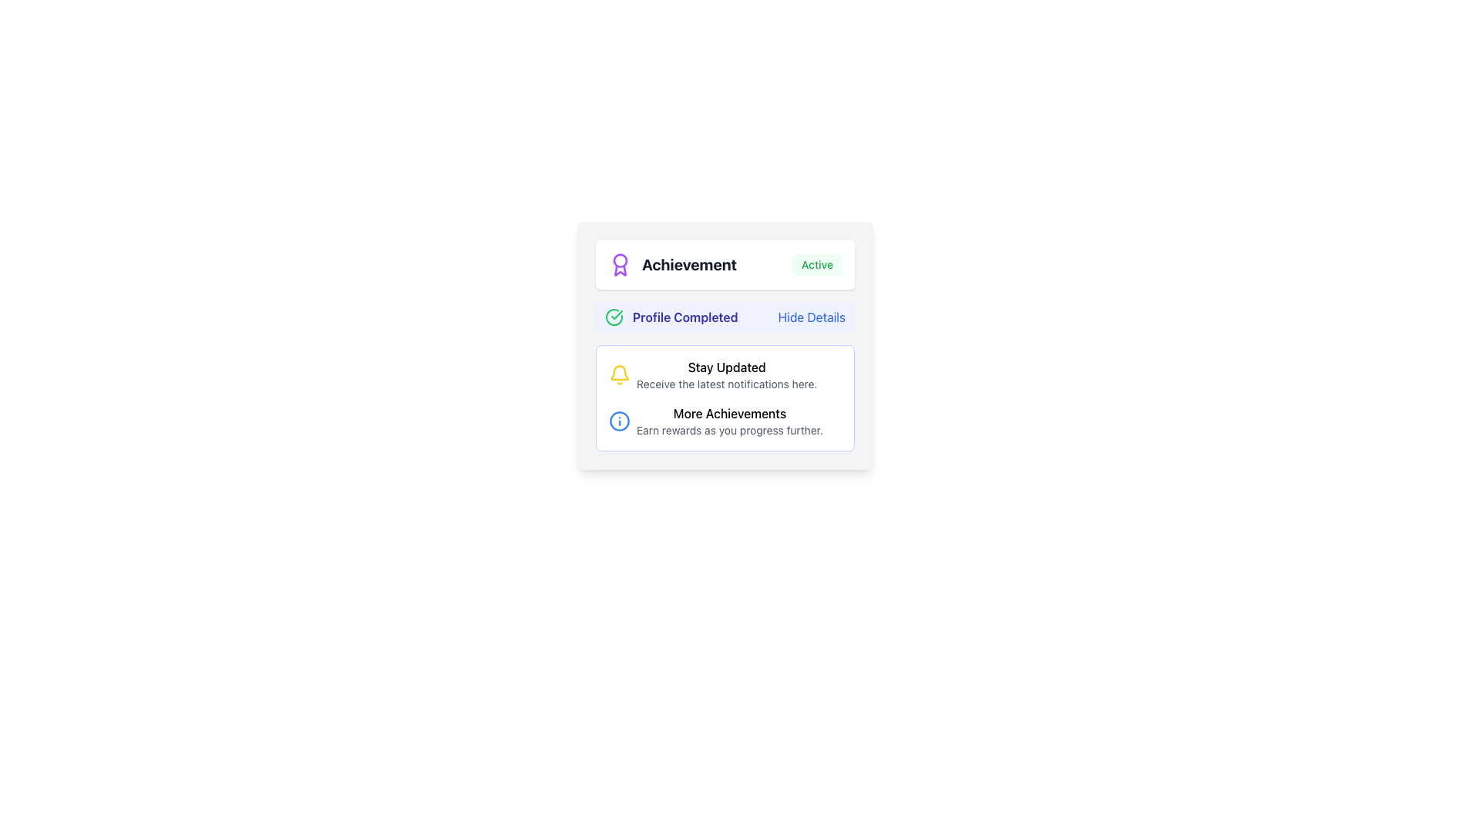 Image resolution: width=1480 pixels, height=832 pixels. I want to click on the status icon indicating 'Profile Completed', which is located to the left of the text 'Profile Completed', so click(613, 317).